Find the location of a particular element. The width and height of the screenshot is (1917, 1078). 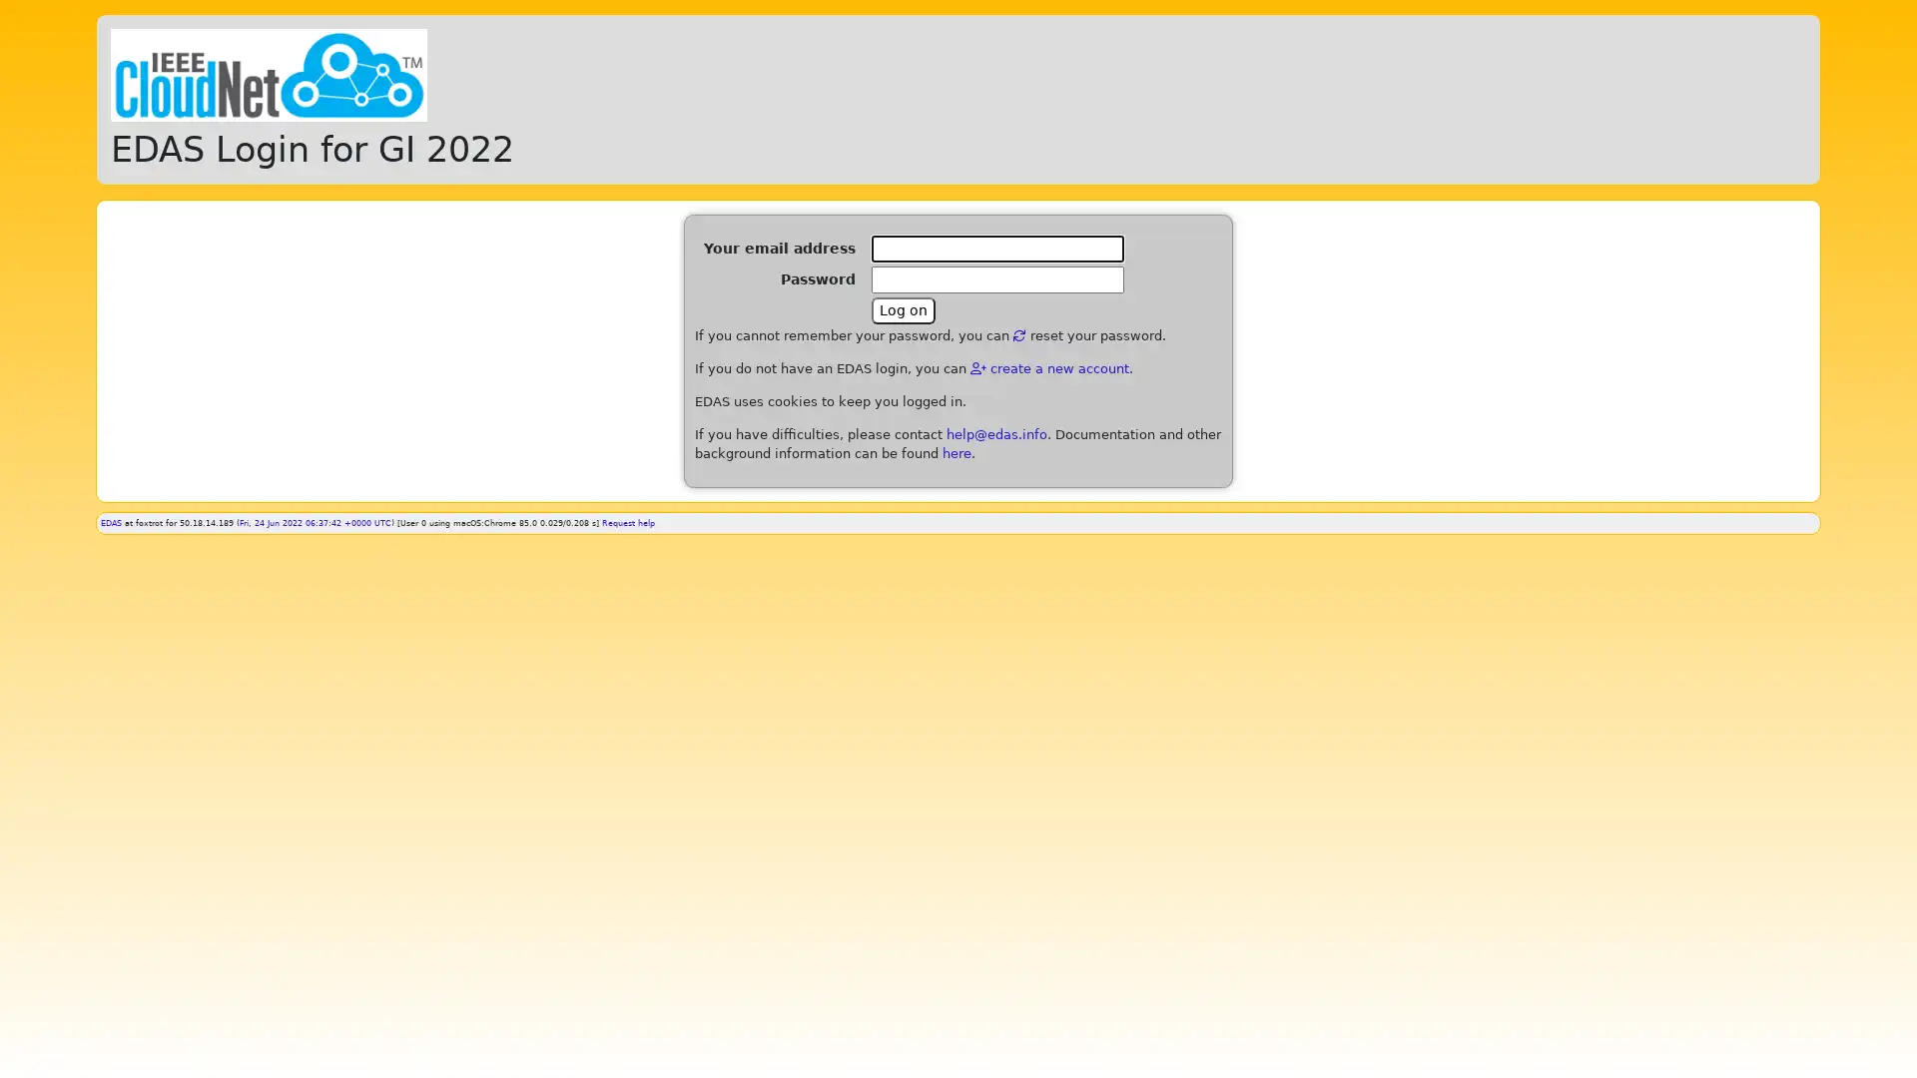

Log on is located at coordinates (903, 310).